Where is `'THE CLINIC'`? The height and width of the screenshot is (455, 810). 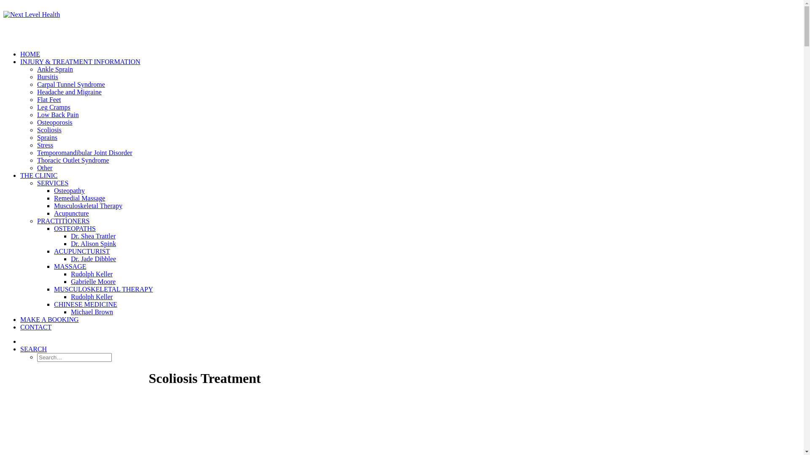
'THE CLINIC' is located at coordinates (38, 175).